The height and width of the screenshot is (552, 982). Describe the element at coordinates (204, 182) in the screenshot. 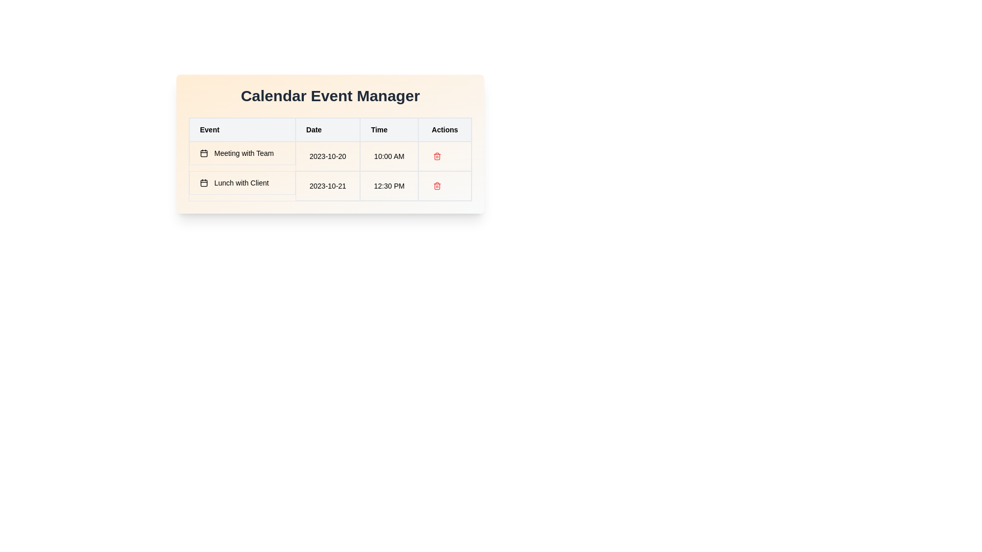

I see `the calendar icon representing the 'Lunch with Client' event, which is positioned to the left of the corresponding text` at that location.